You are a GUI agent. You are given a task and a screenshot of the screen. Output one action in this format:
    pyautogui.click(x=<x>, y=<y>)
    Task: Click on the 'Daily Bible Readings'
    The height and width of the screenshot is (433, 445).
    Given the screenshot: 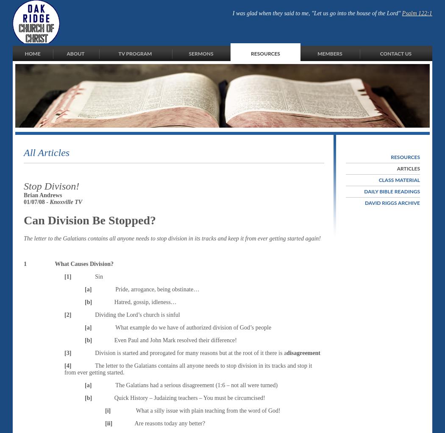 What is the action you would take?
    pyautogui.click(x=392, y=191)
    